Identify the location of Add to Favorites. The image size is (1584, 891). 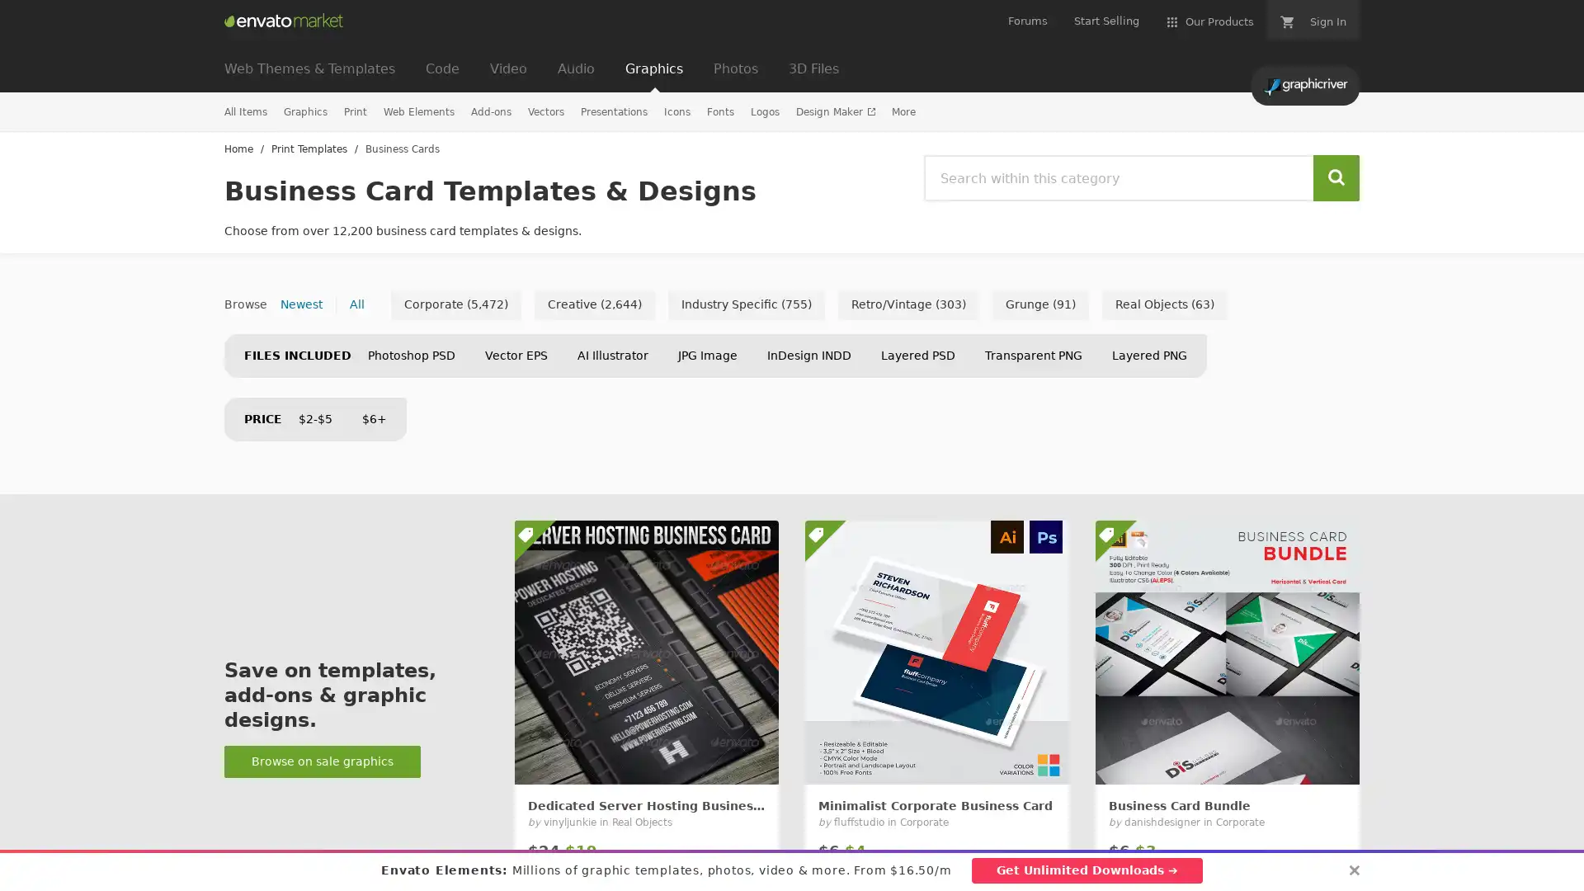
(756, 761).